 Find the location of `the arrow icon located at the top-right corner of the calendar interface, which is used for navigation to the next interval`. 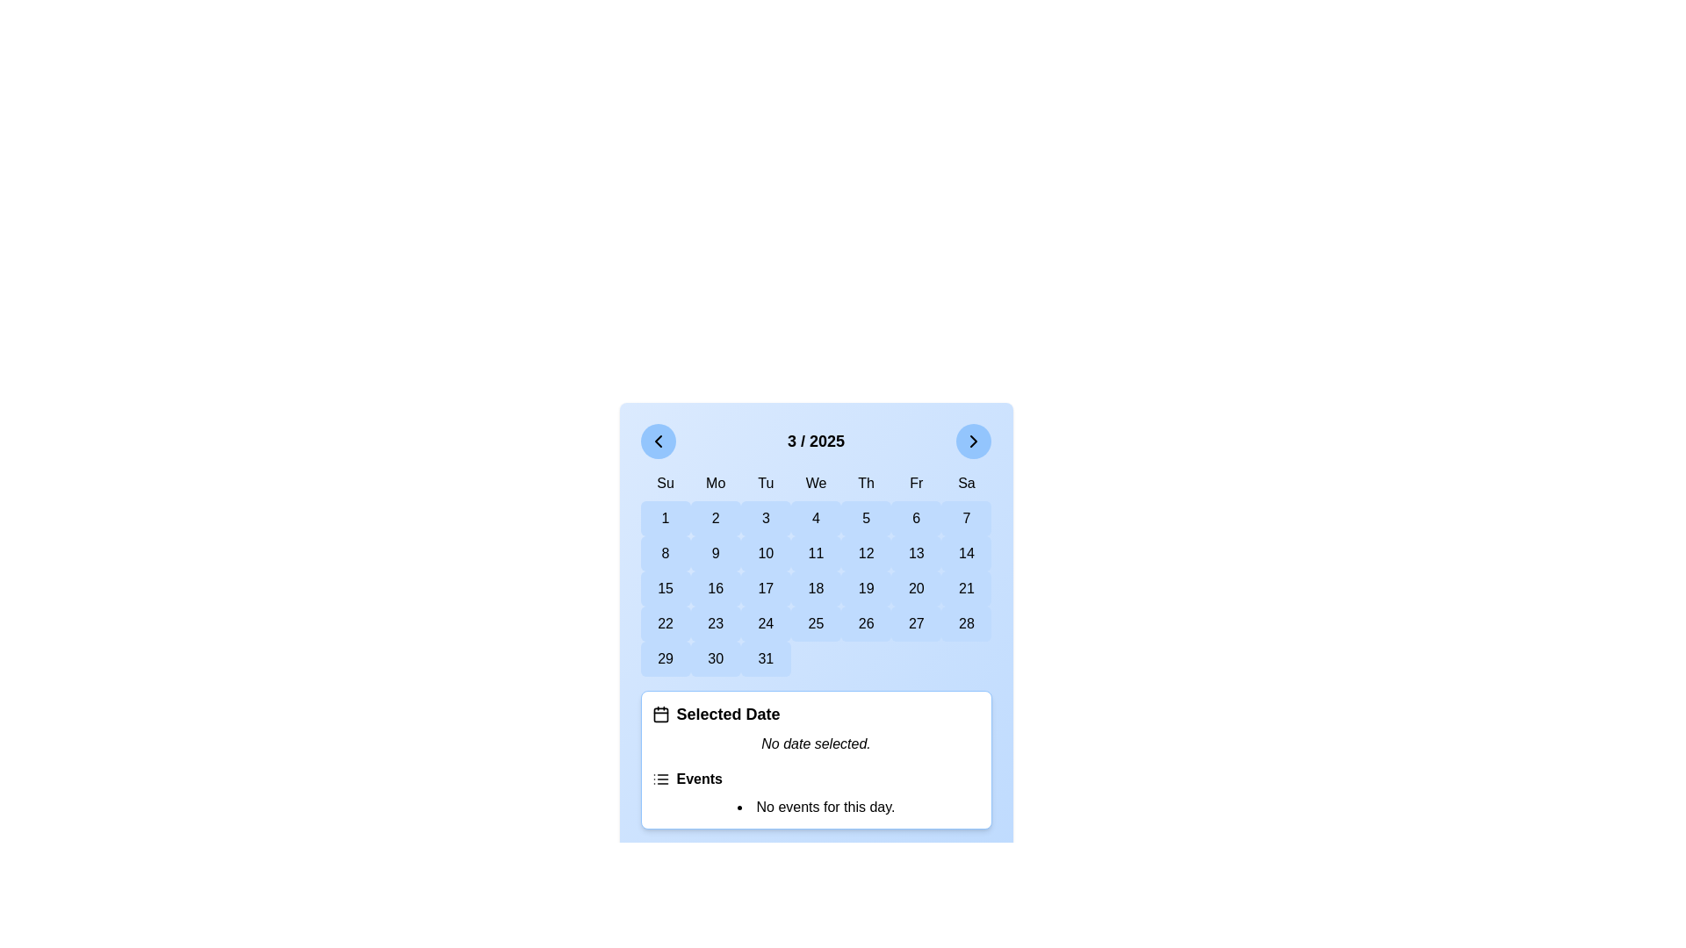

the arrow icon located at the top-right corner of the calendar interface, which is used for navigation to the next interval is located at coordinates (973, 440).